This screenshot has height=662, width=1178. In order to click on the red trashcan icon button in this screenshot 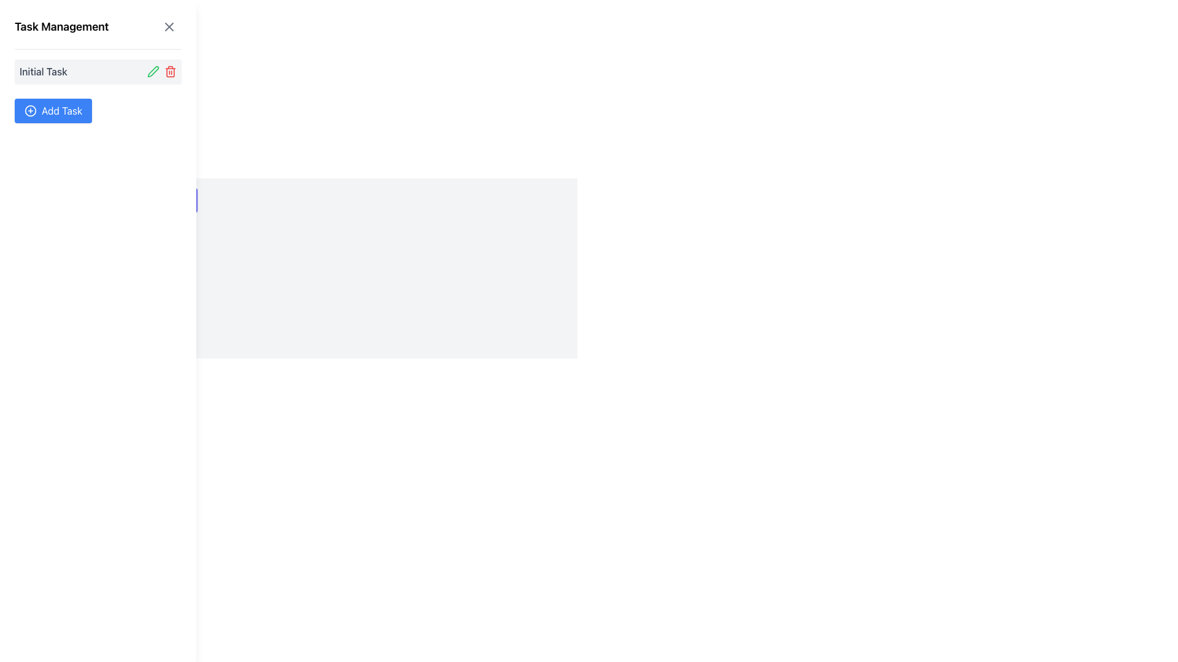, I will do `click(170, 71)`.